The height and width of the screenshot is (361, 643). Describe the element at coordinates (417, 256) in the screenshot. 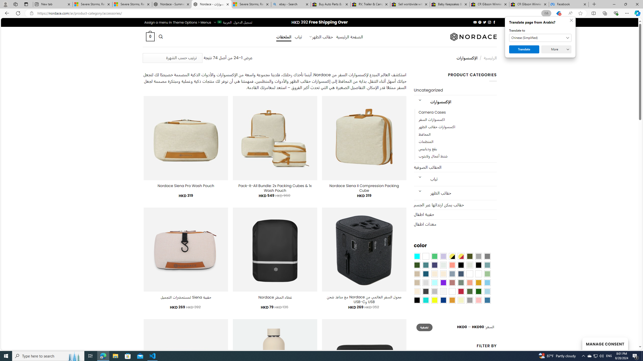

I see `'Aqua Blue'` at that location.